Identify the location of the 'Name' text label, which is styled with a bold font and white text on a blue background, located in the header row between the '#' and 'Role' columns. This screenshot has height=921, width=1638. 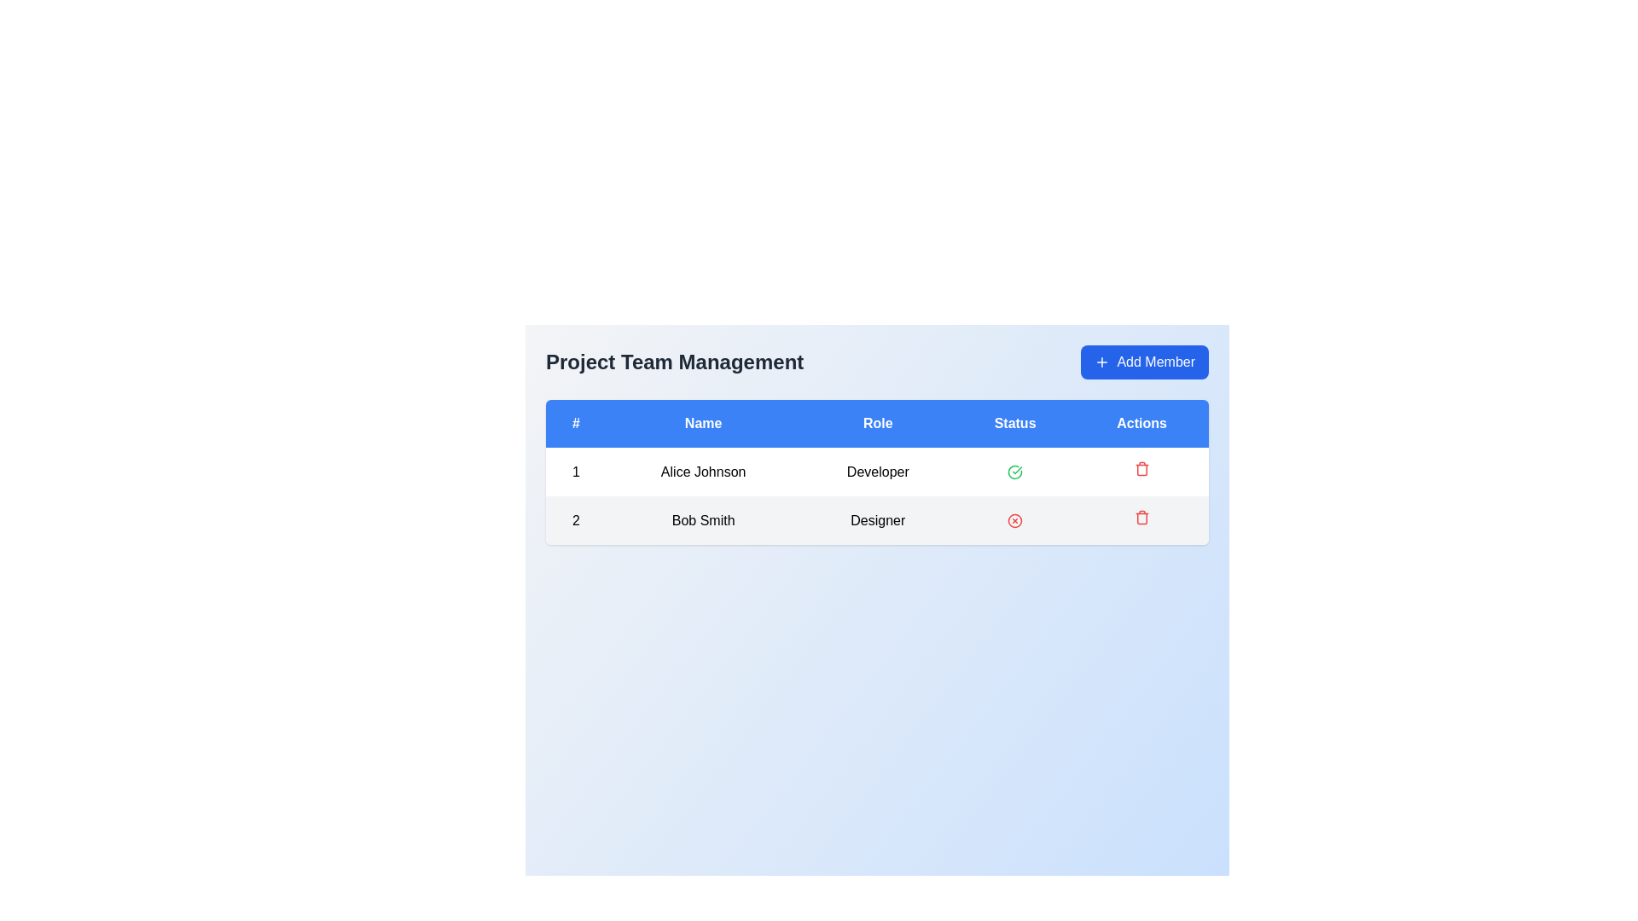
(703, 423).